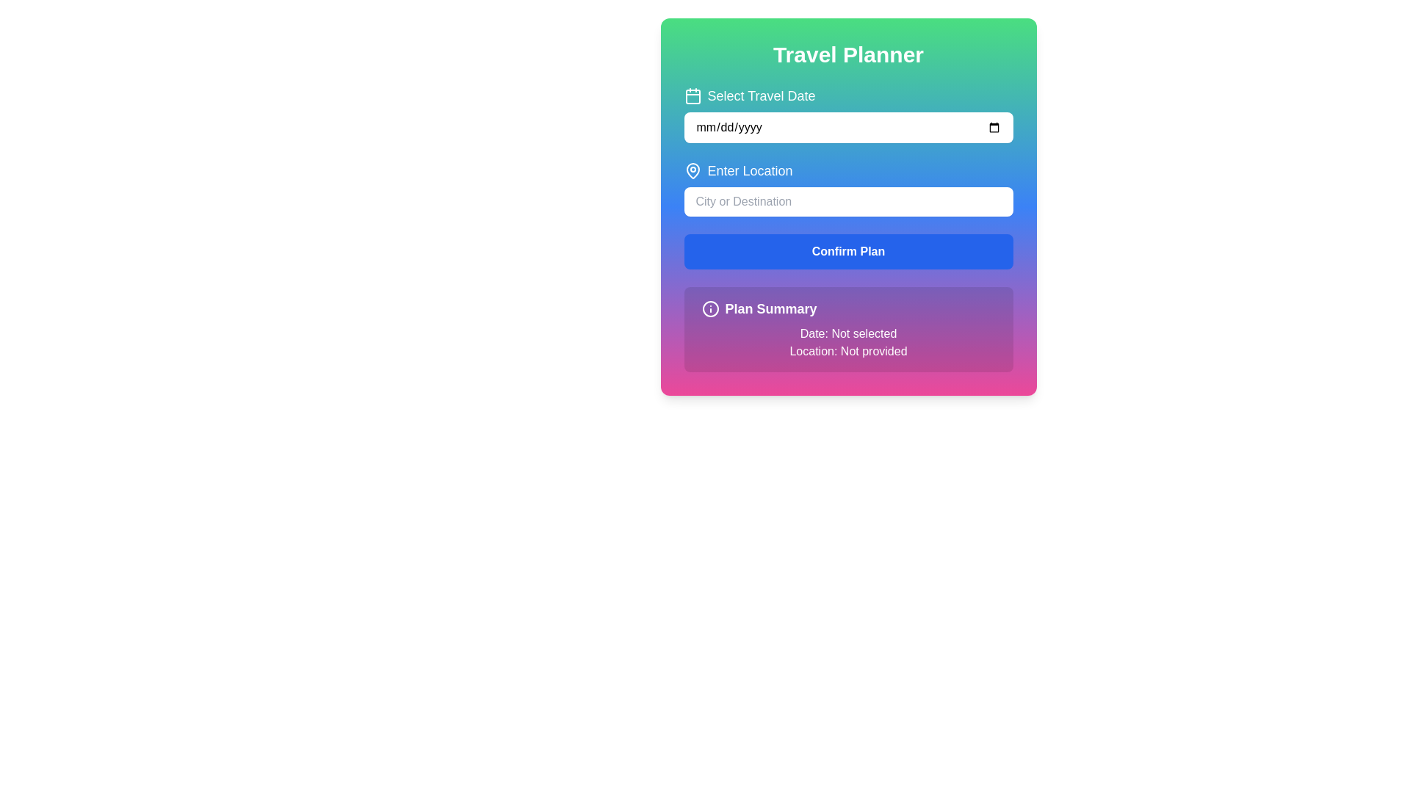 The height and width of the screenshot is (793, 1410). Describe the element at coordinates (710, 308) in the screenshot. I see `the information icon, which is a white circle with an 'i' in the center, located to the left of the 'Plan Summary' heading` at that location.